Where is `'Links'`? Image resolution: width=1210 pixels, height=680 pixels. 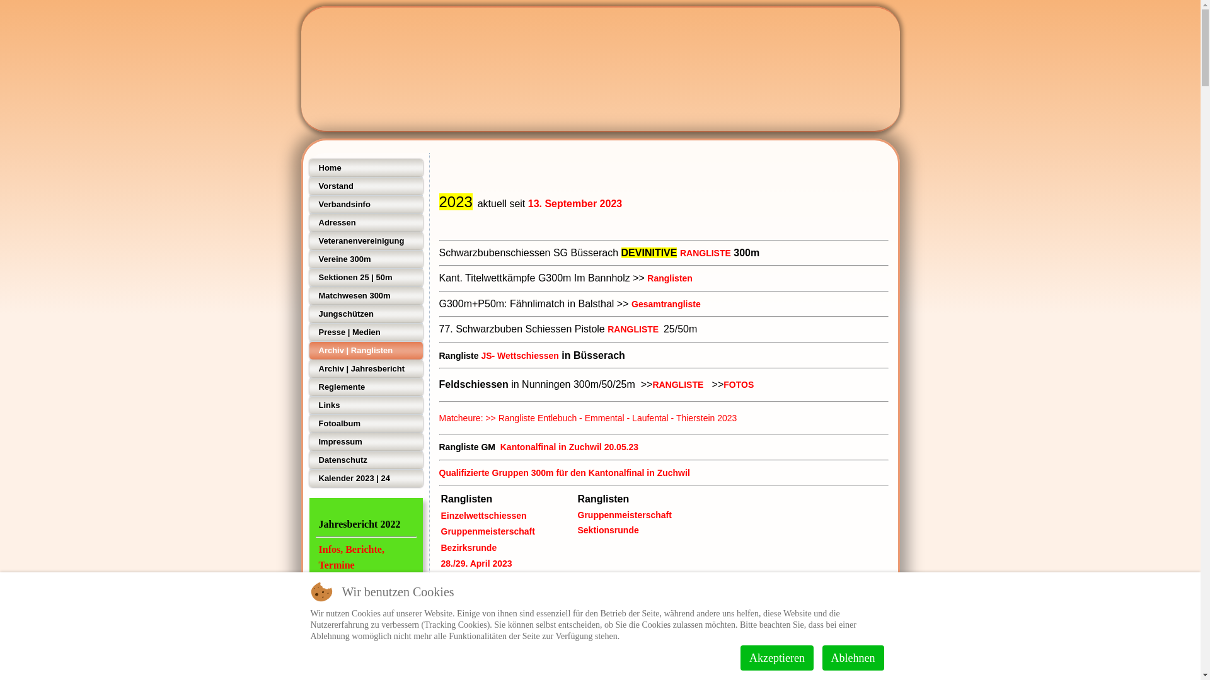 'Links' is located at coordinates (365, 405).